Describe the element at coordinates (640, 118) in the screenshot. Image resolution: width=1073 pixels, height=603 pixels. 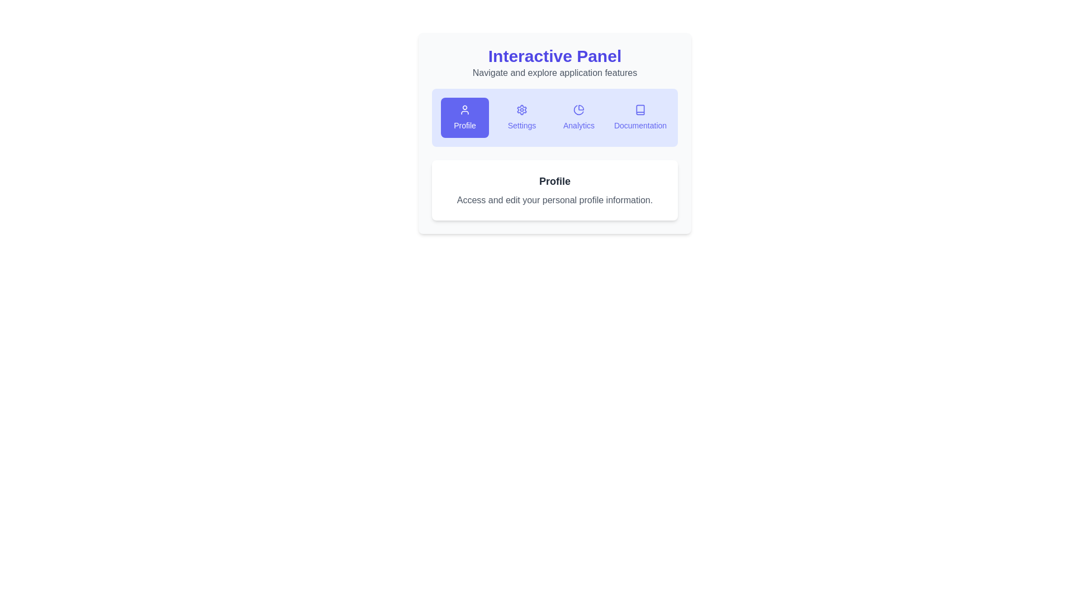
I see `the 'Documentation' button, which is styled with a book icon and blue text` at that location.